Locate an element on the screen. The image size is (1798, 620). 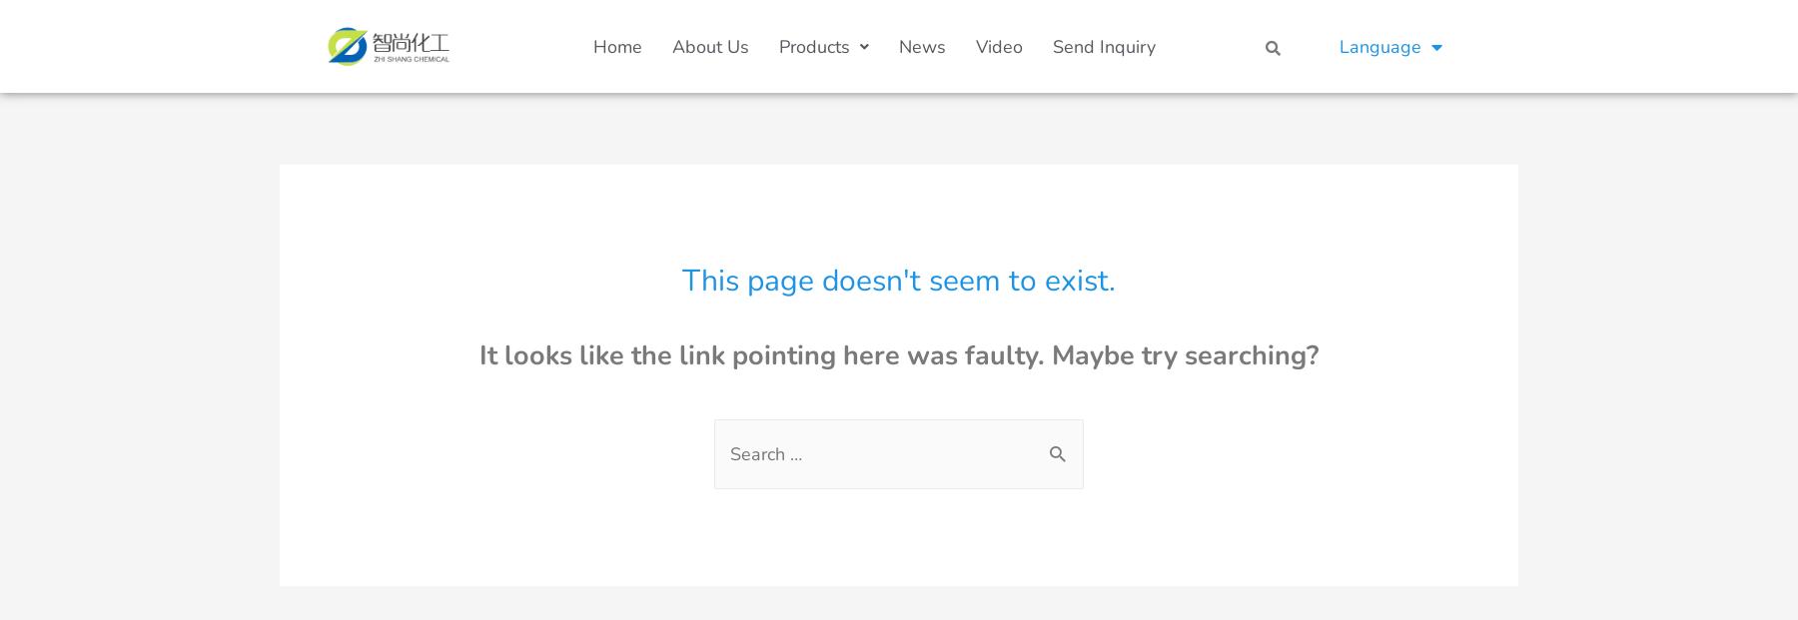
'Home' is located at coordinates (617, 45).